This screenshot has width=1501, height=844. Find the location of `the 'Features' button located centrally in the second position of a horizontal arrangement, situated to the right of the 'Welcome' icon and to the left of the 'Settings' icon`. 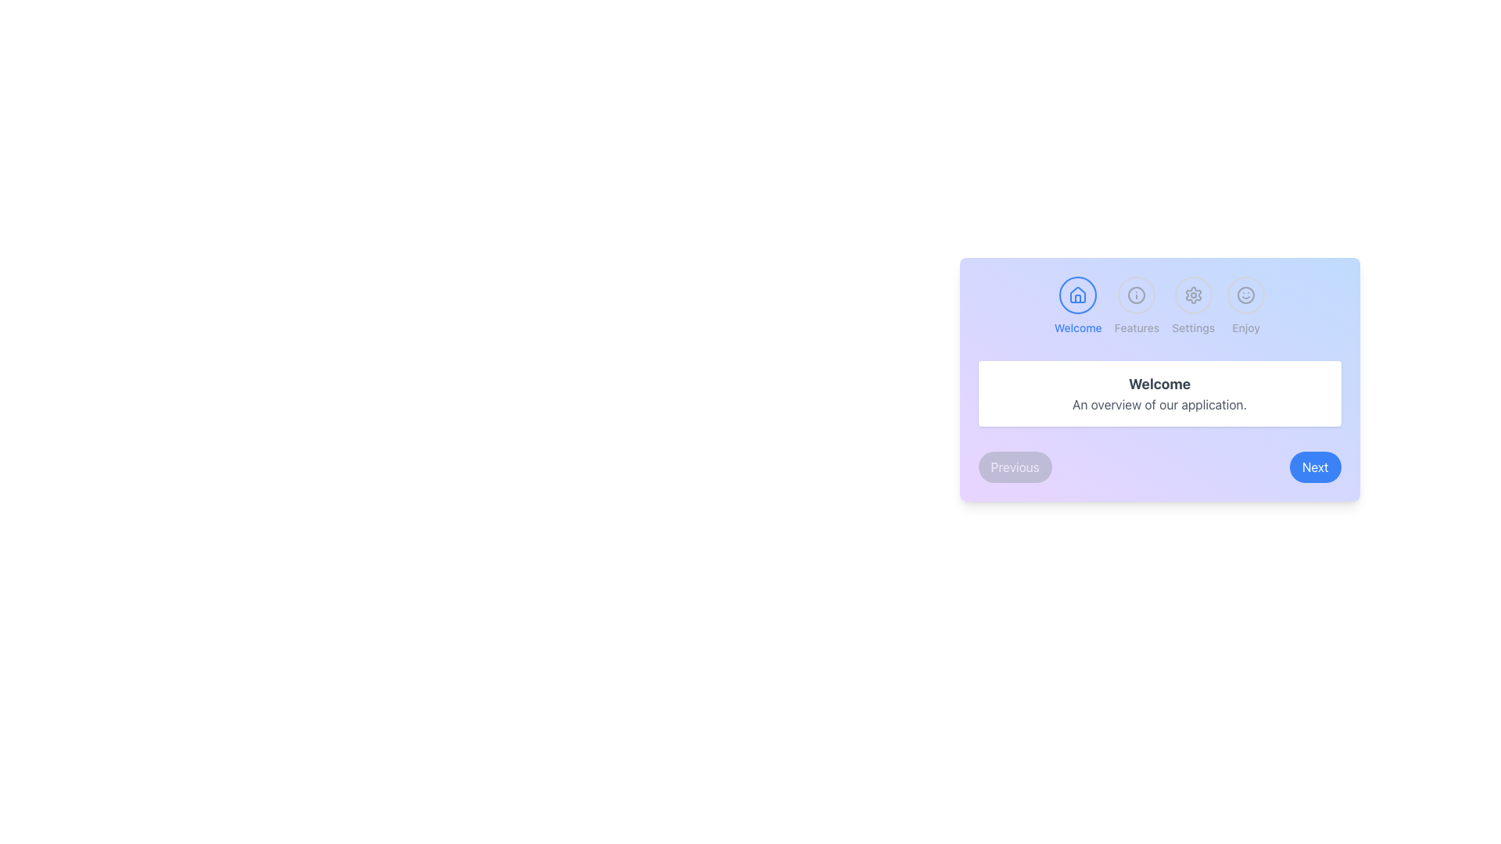

the 'Features' button located centrally in the second position of a horizontal arrangement, situated to the right of the 'Welcome' icon and to the left of the 'Settings' icon is located at coordinates (1137, 306).